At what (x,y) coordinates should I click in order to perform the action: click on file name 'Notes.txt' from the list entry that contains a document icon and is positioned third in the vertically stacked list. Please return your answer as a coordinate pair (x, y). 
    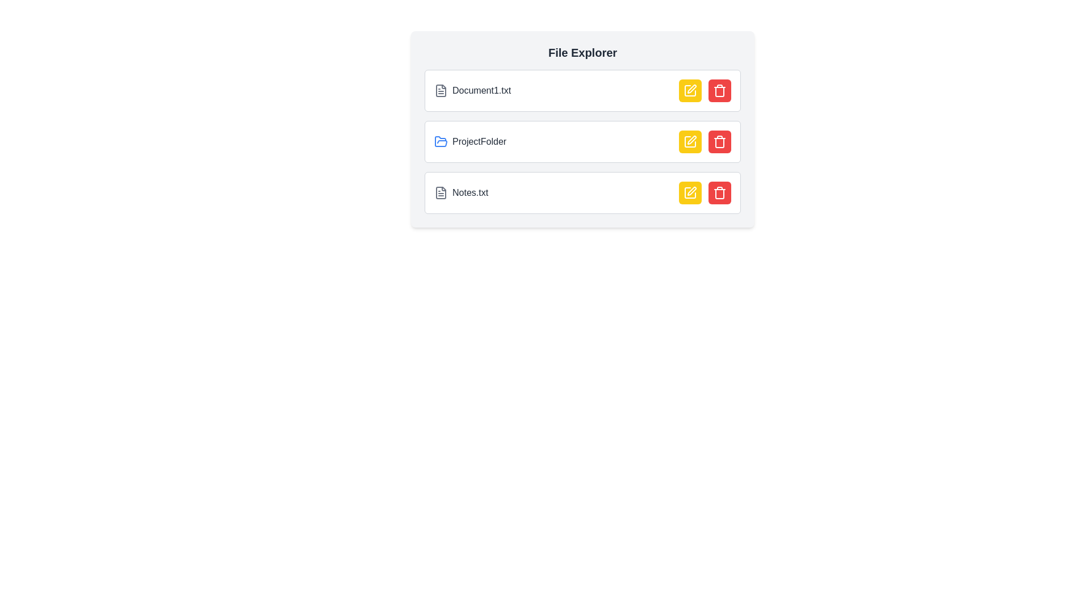
    Looking at the image, I should click on (461, 192).